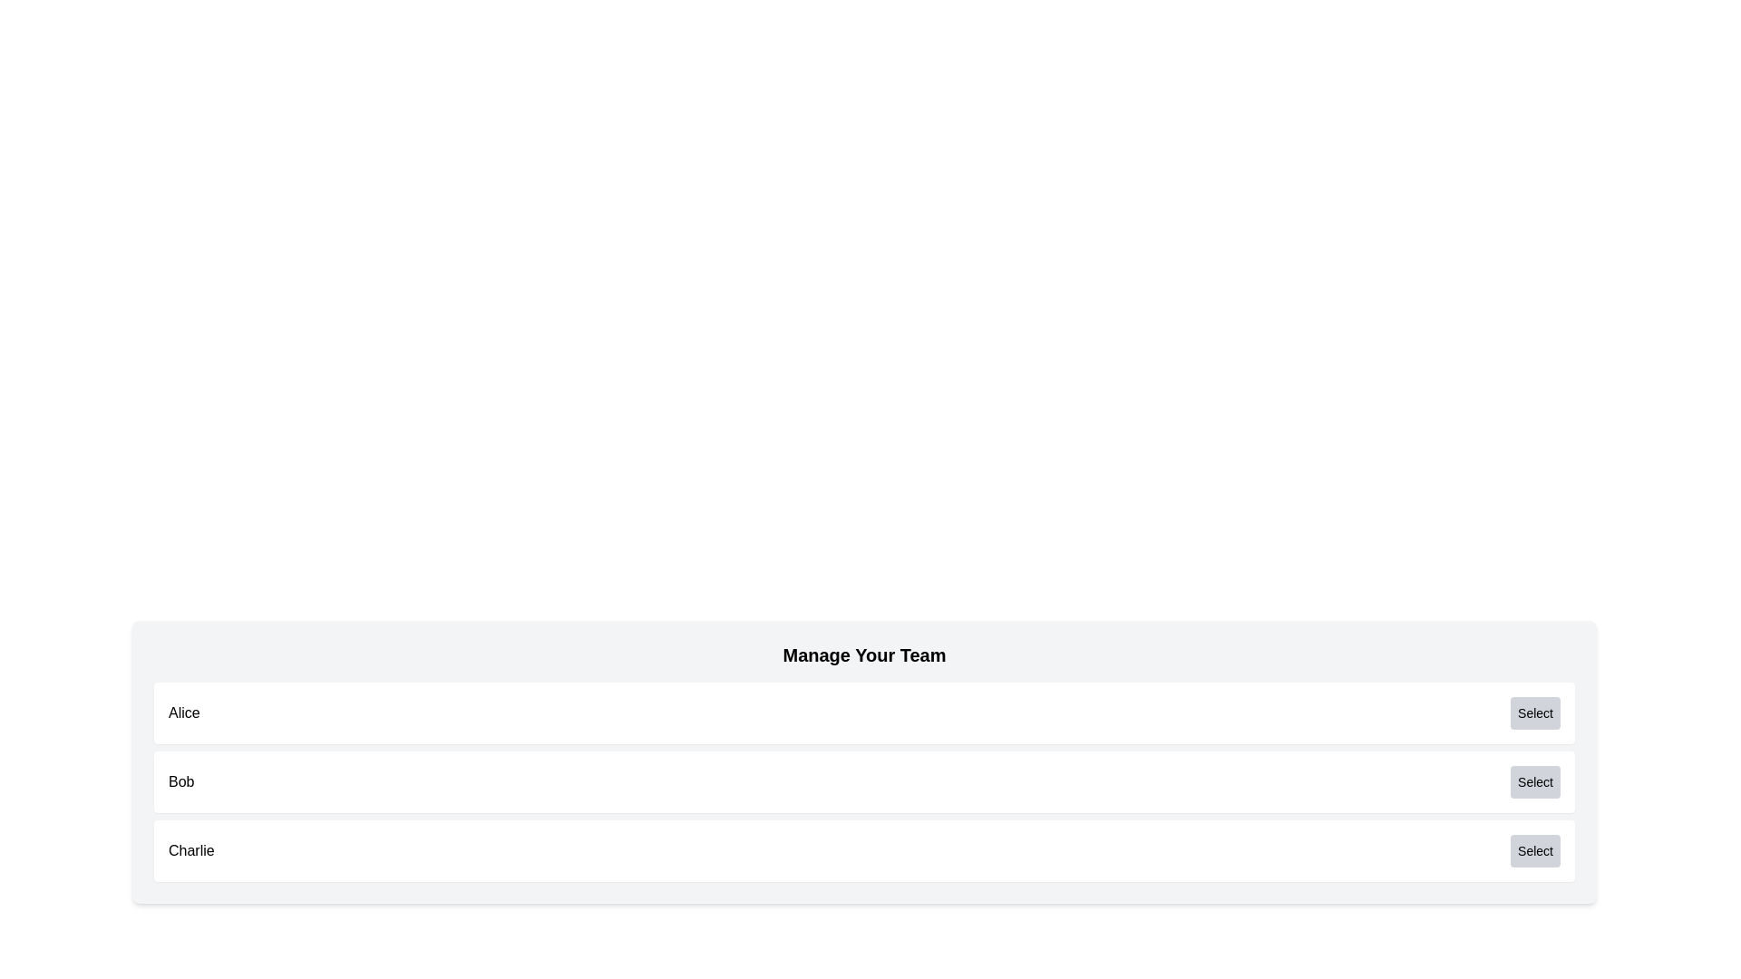 The height and width of the screenshot is (979, 1741). What do you see at coordinates (184, 712) in the screenshot?
I see `the label displaying the text 'Alice', which is located at the left end of the first row in a list of items` at bounding box center [184, 712].